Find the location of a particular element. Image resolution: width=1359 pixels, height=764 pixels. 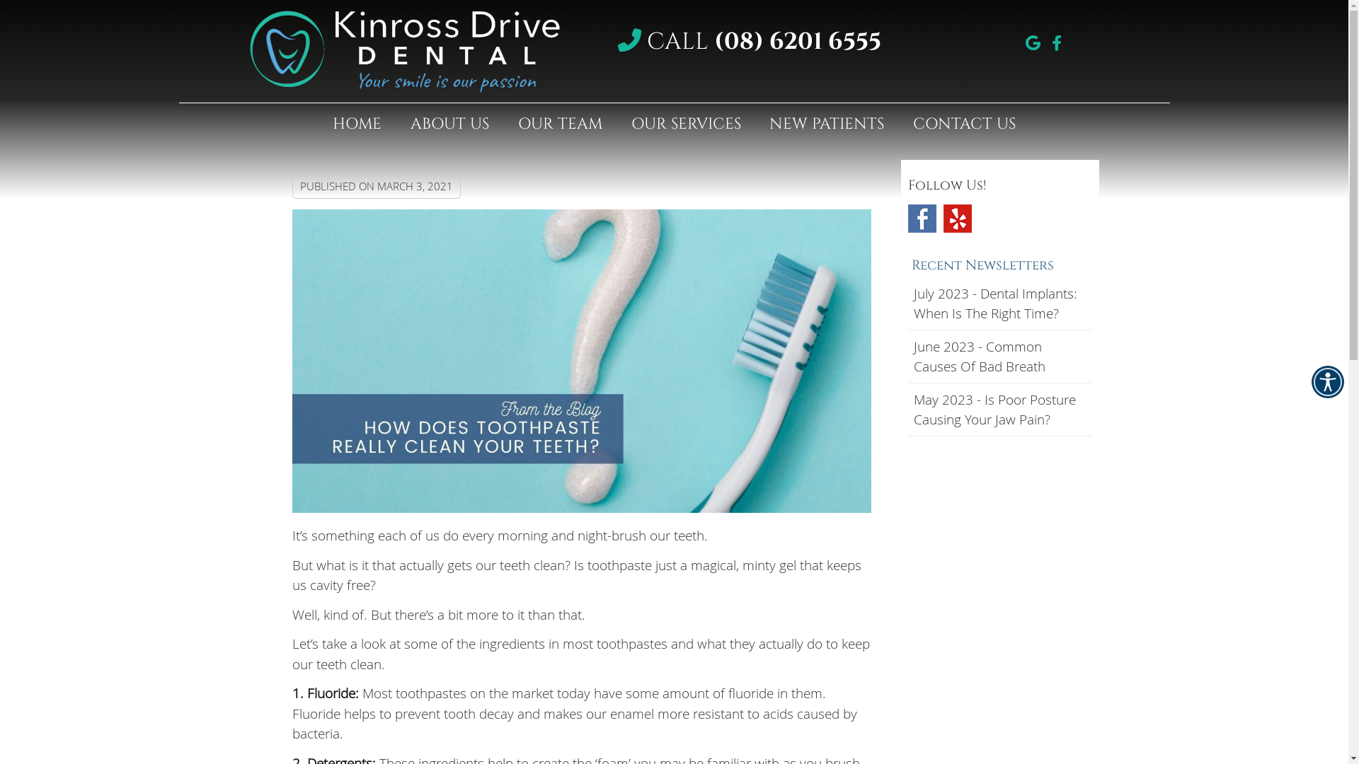

'July 2023 - Dental Implants: When Is The Right Time?' is located at coordinates (998, 303).